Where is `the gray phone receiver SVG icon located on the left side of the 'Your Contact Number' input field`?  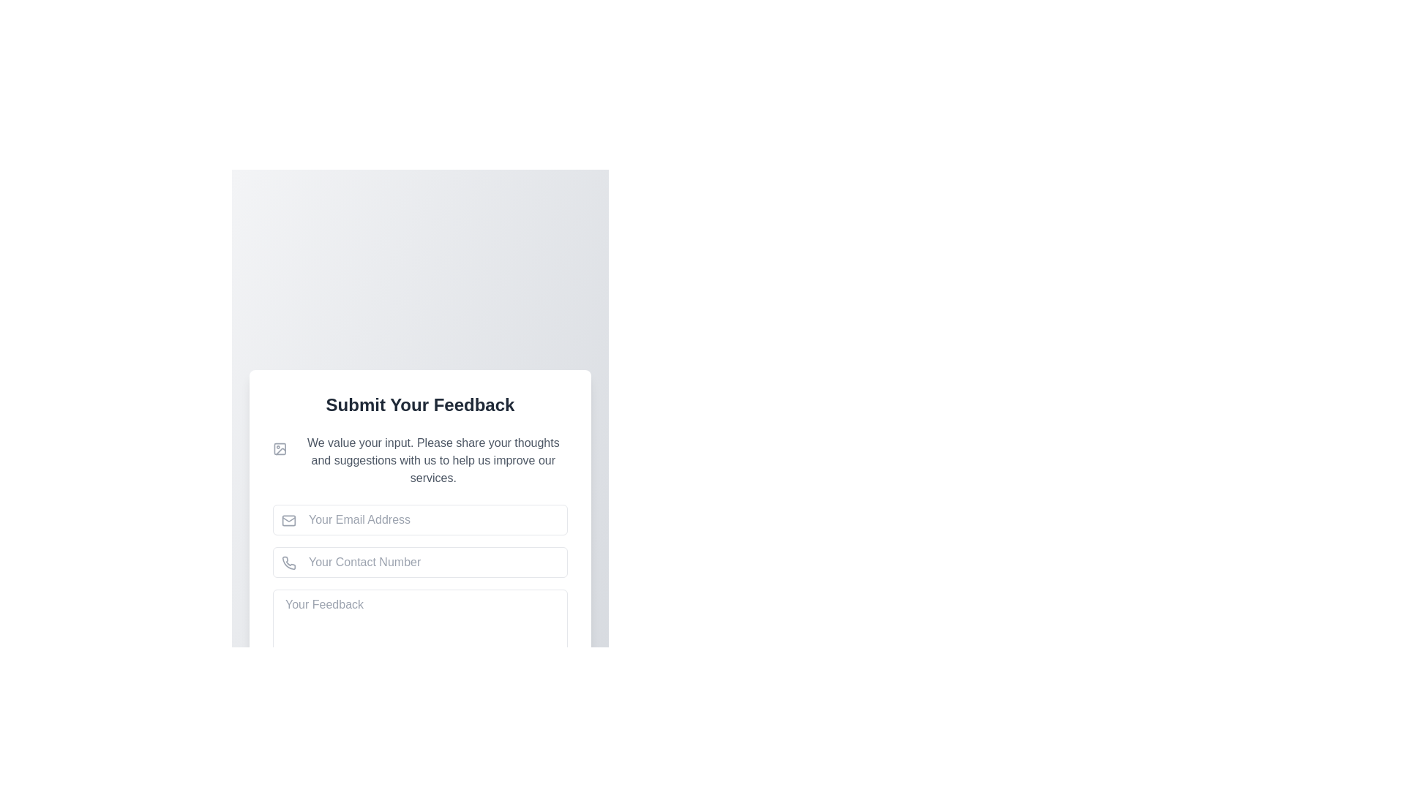 the gray phone receiver SVG icon located on the left side of the 'Your Contact Number' input field is located at coordinates (288, 561).